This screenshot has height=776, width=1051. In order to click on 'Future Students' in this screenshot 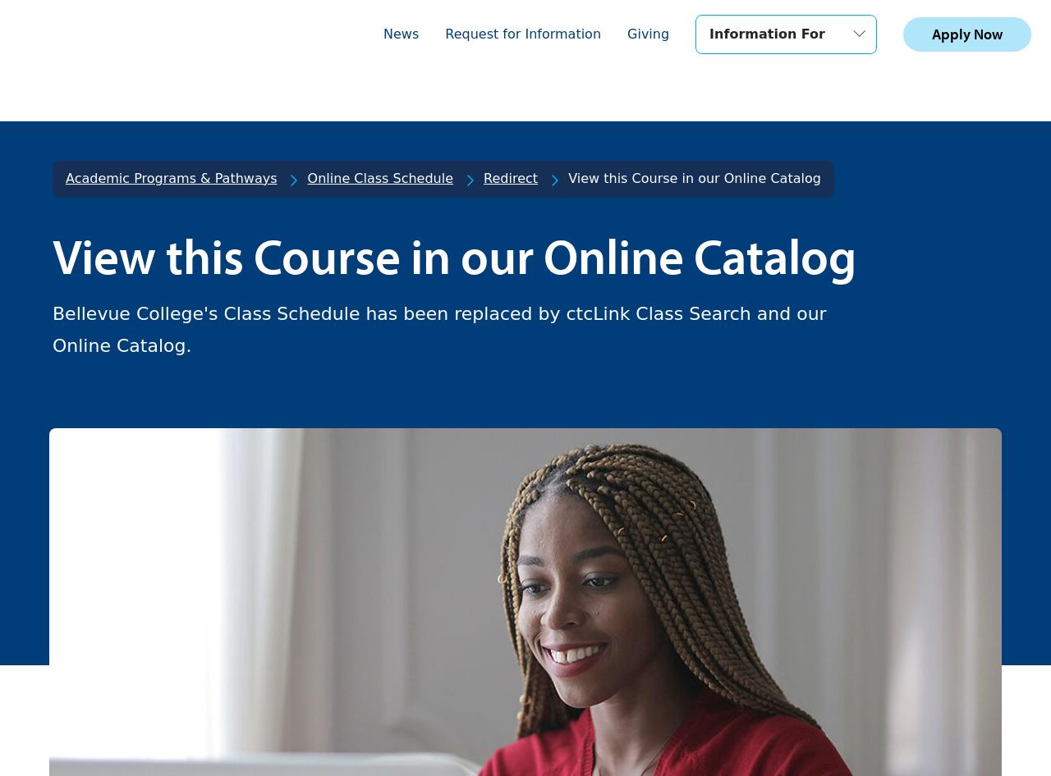, I will do `click(453, 582)`.